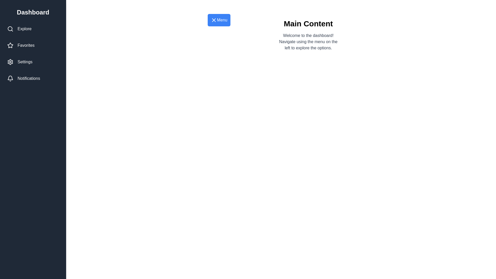  Describe the element at coordinates (25, 61) in the screenshot. I see `the 'Settings' text label, which is styled with a white font on a dark blue background and is the third entry in the vertical menu under 'Dashboard'` at that location.